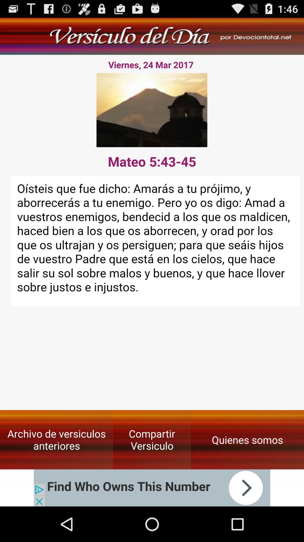  What do you see at coordinates (152, 488) in the screenshot?
I see `click advertisement` at bounding box center [152, 488].